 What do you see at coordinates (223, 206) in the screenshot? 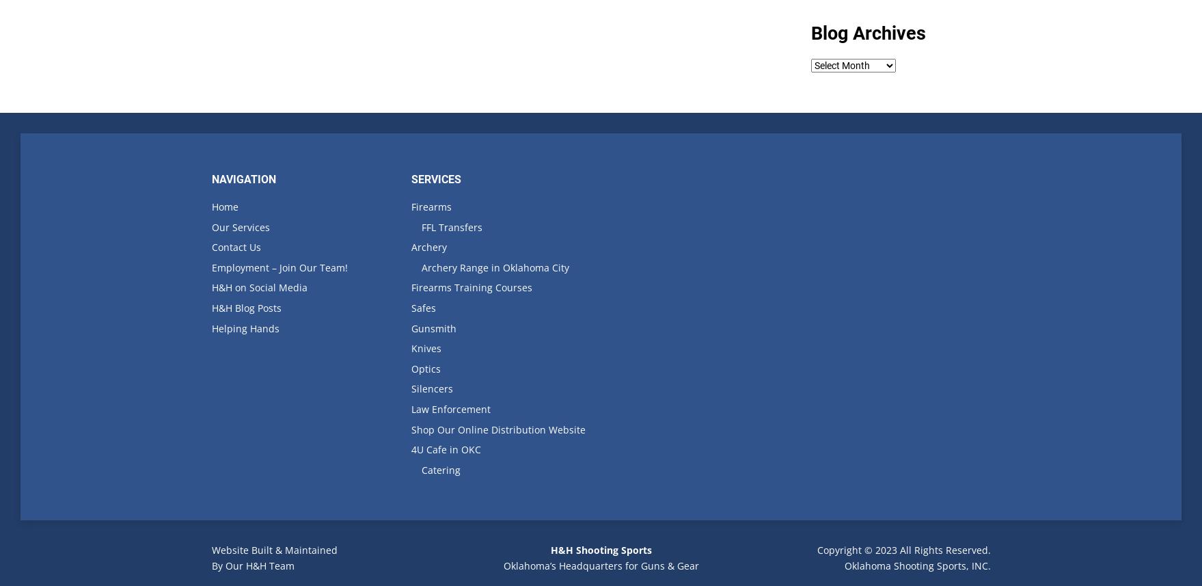
I see `'Home'` at bounding box center [223, 206].